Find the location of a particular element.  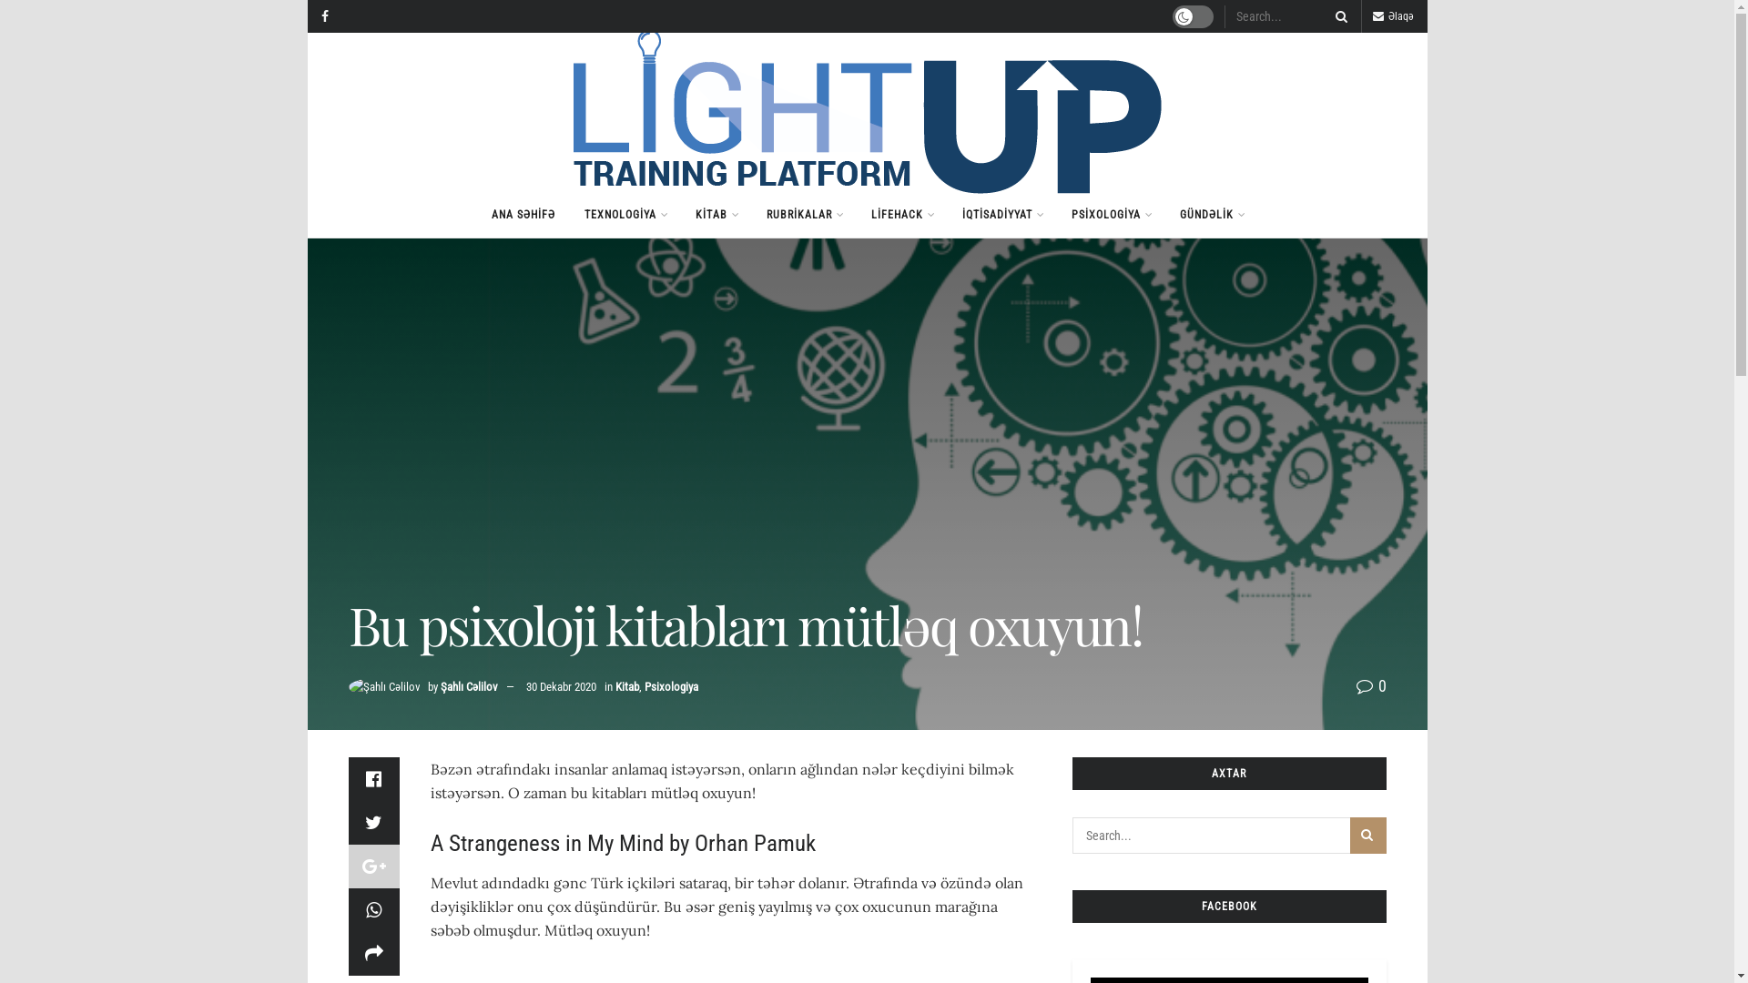

'TEXNOLOGIYA' is located at coordinates (625, 213).